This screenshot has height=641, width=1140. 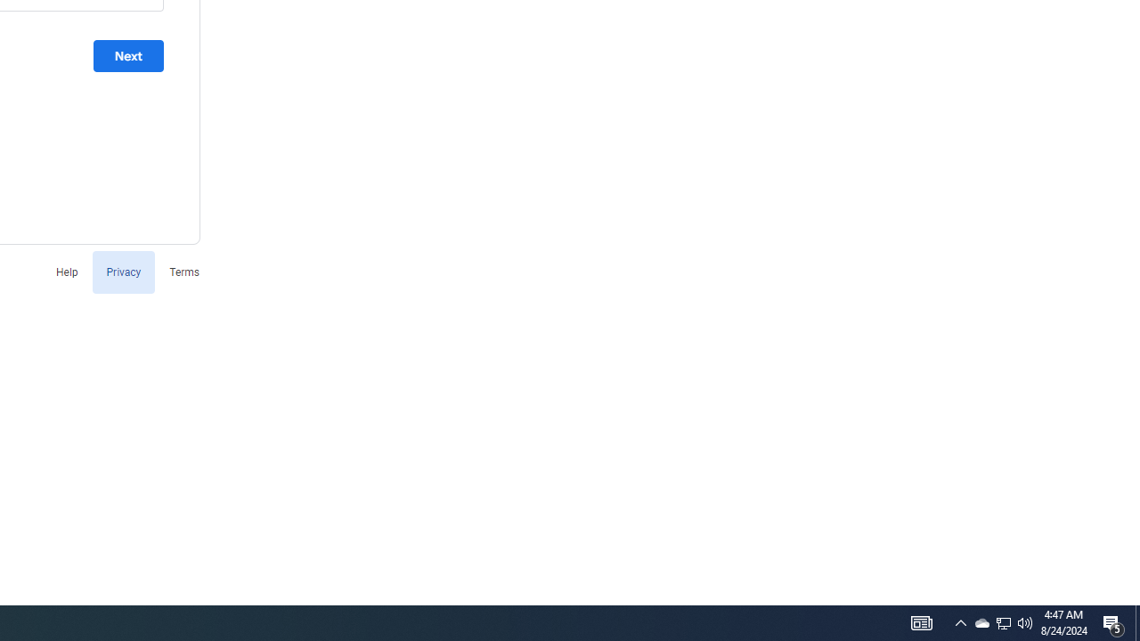 I want to click on 'Help', so click(x=66, y=272).